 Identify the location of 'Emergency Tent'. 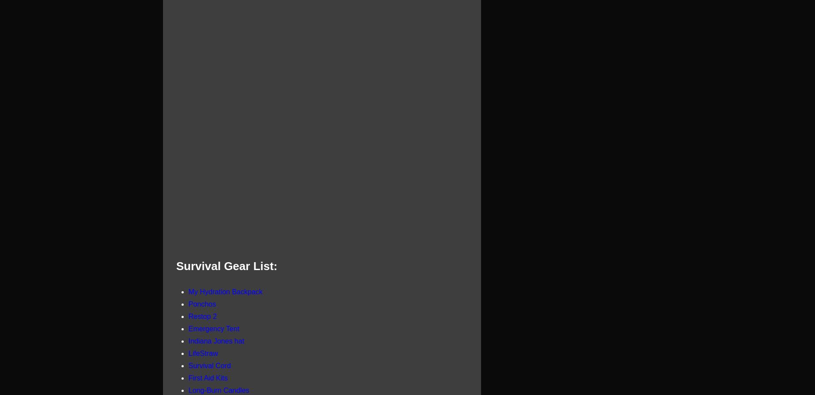
(214, 328).